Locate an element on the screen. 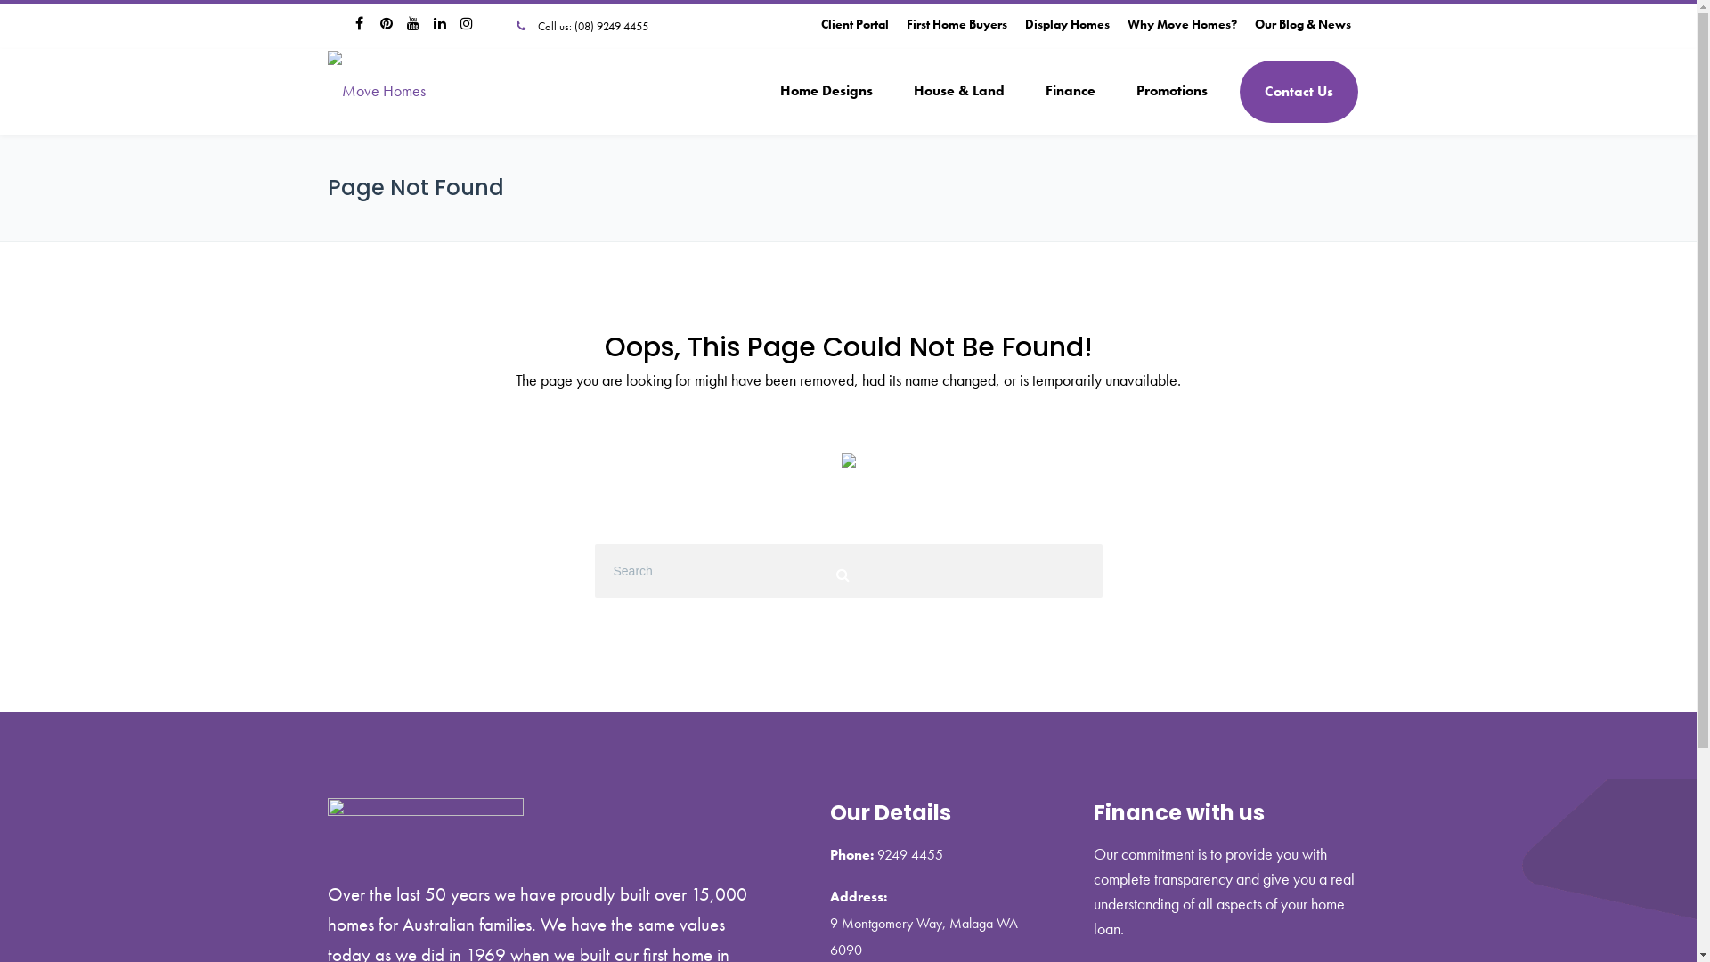  'Our Blog & News' is located at coordinates (1302, 24).